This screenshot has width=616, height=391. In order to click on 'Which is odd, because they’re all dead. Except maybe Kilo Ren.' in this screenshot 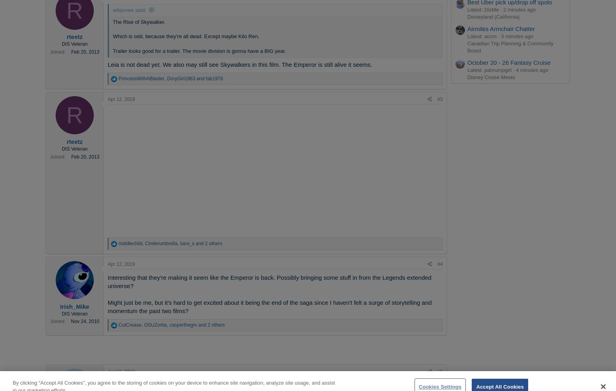, I will do `click(185, 36)`.